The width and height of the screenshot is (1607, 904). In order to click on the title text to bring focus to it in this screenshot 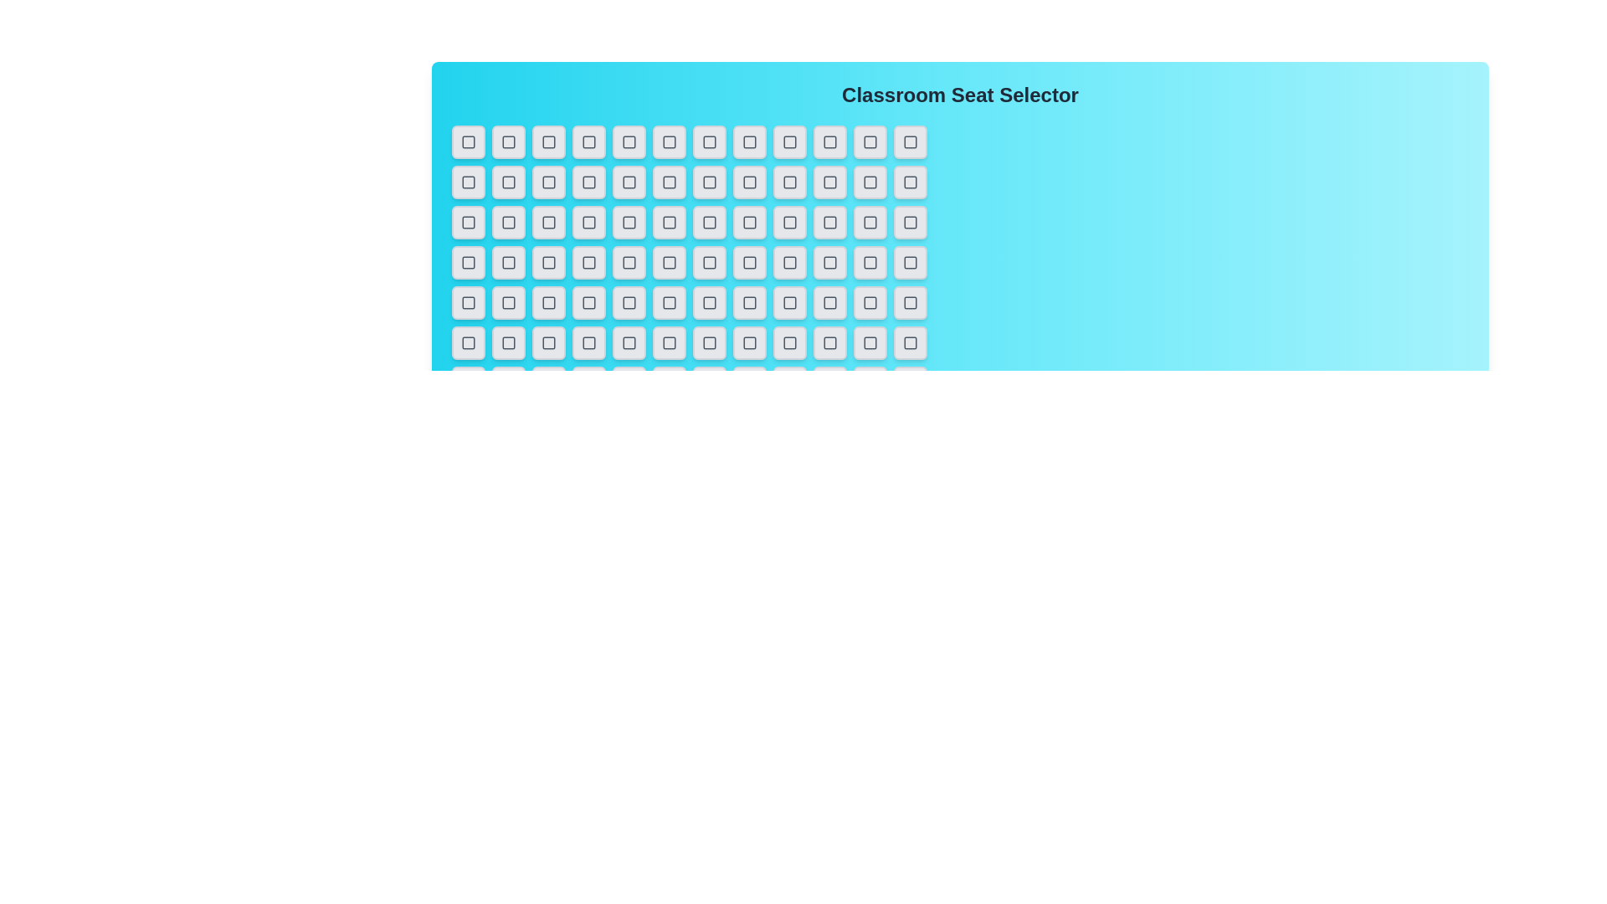, I will do `click(960, 95)`.